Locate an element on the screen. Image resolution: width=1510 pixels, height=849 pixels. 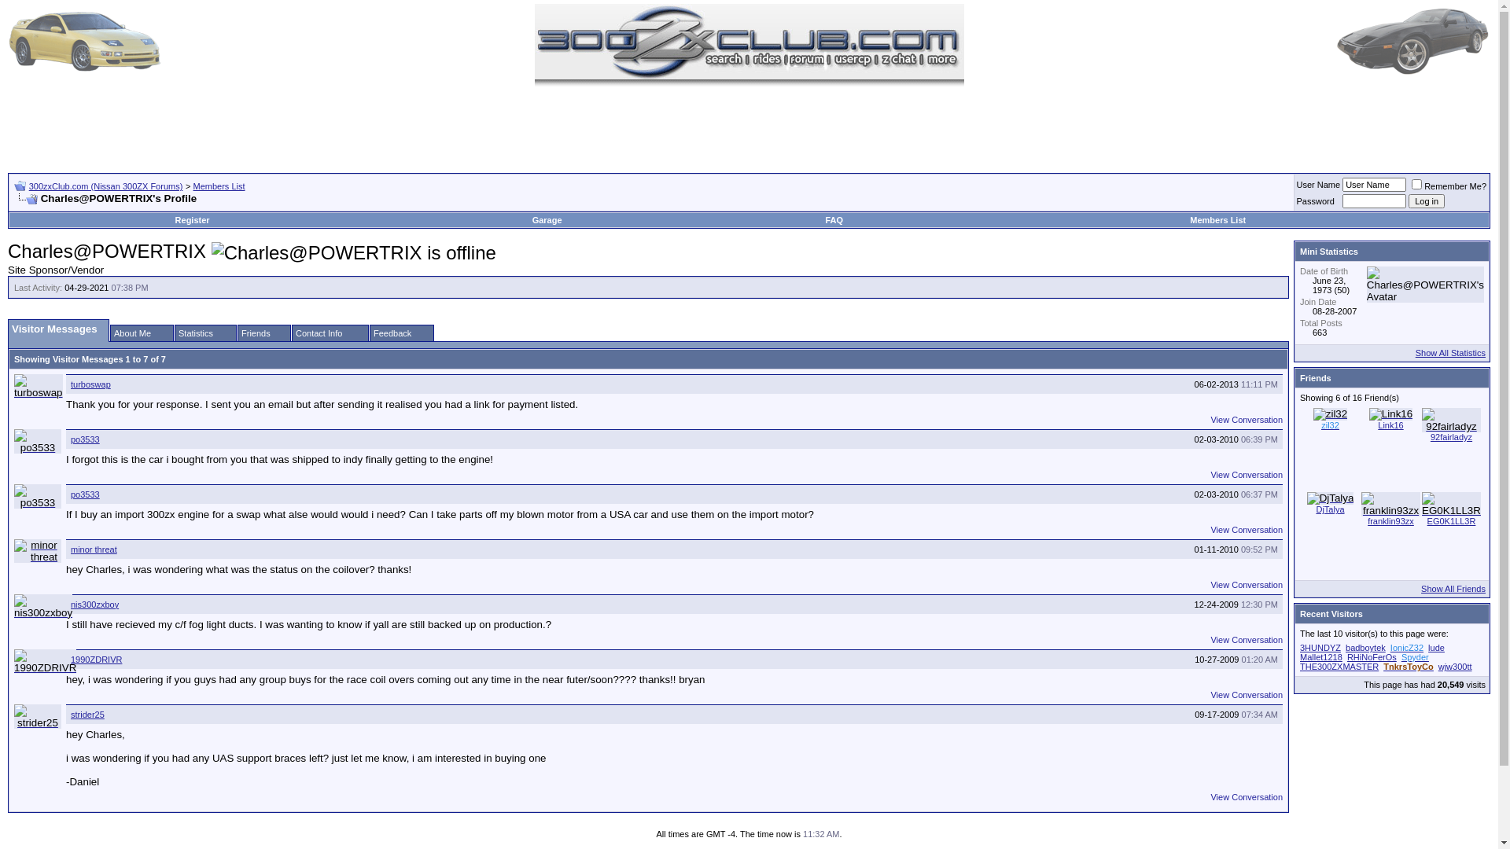
'po3533' is located at coordinates (38, 496).